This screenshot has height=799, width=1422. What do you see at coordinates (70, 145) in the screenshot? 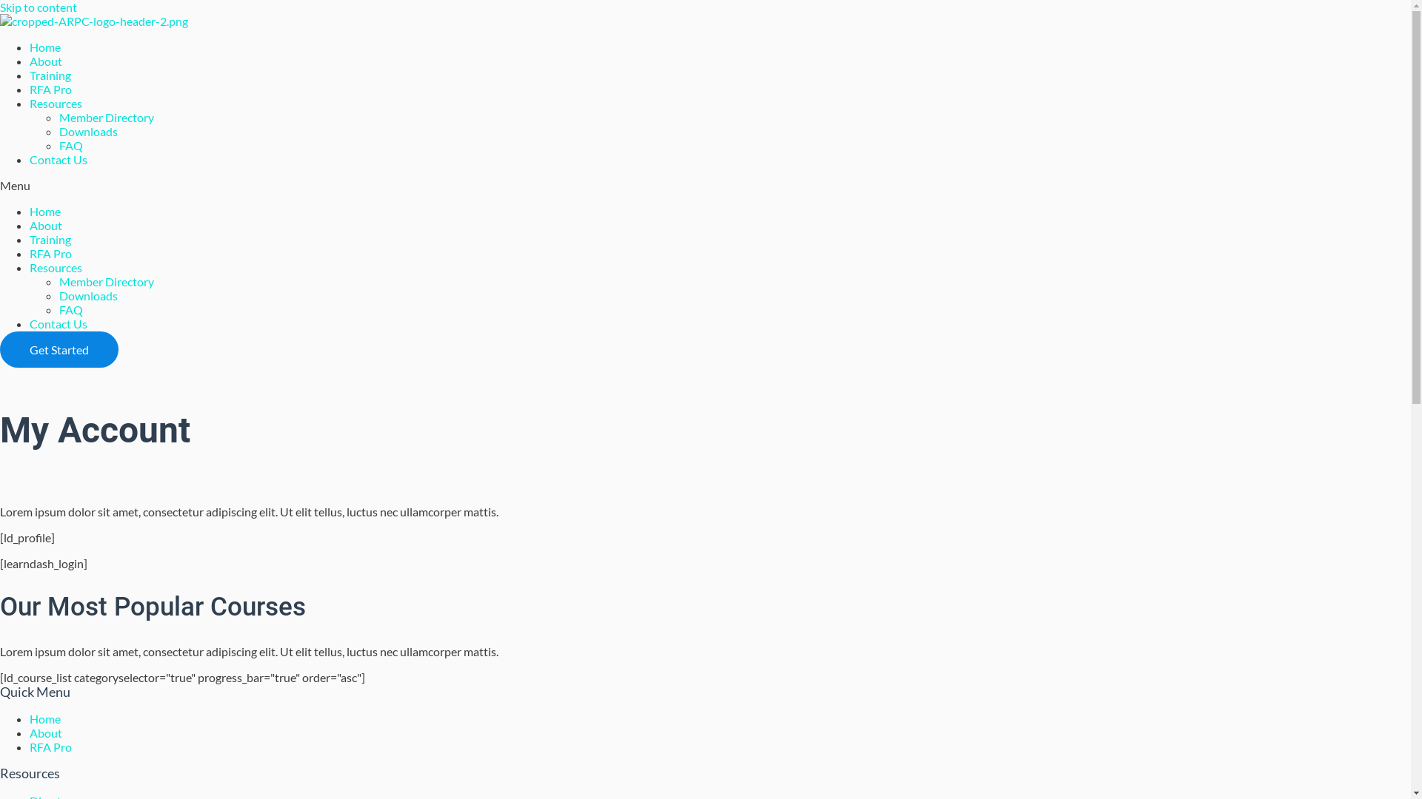
I see `'FAQ'` at bounding box center [70, 145].